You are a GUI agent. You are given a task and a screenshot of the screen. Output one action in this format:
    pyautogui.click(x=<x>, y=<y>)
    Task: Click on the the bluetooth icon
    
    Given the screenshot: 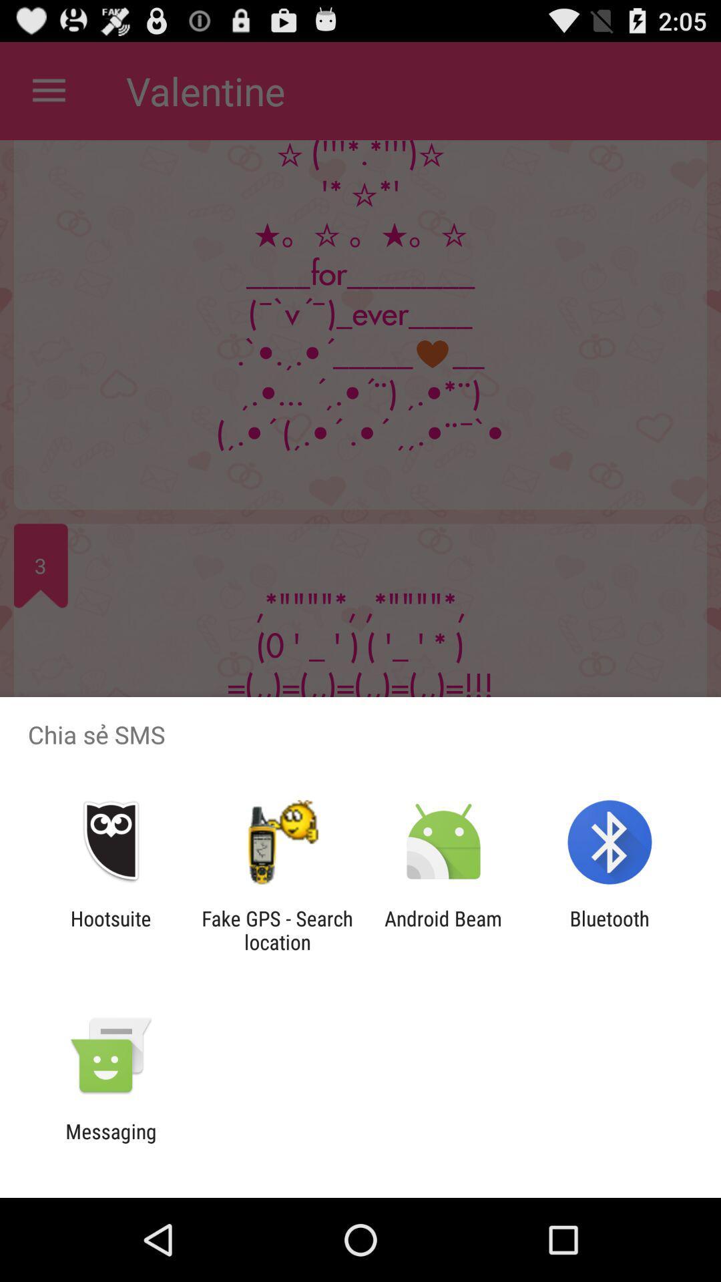 What is the action you would take?
    pyautogui.click(x=610, y=929)
    